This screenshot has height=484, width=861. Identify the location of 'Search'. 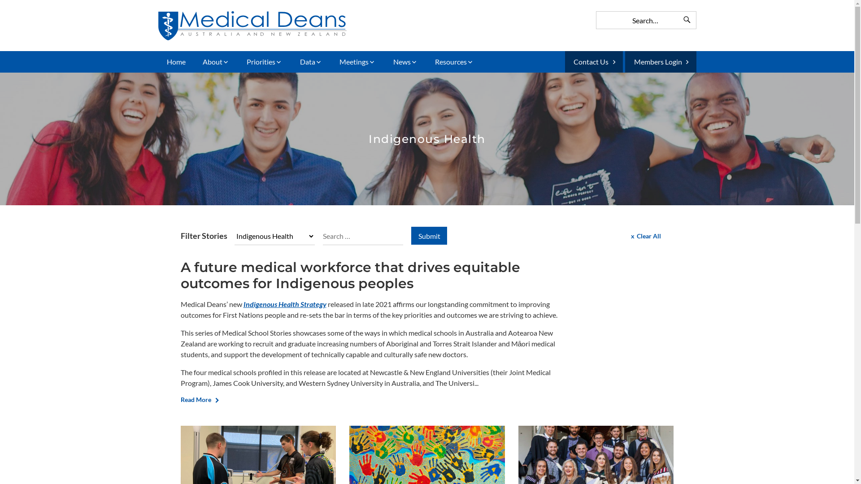
(686, 20).